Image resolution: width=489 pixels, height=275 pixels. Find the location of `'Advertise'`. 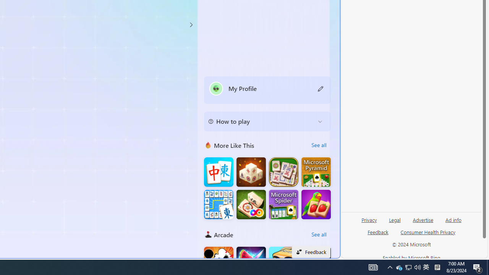

'Advertise' is located at coordinates (423, 219).